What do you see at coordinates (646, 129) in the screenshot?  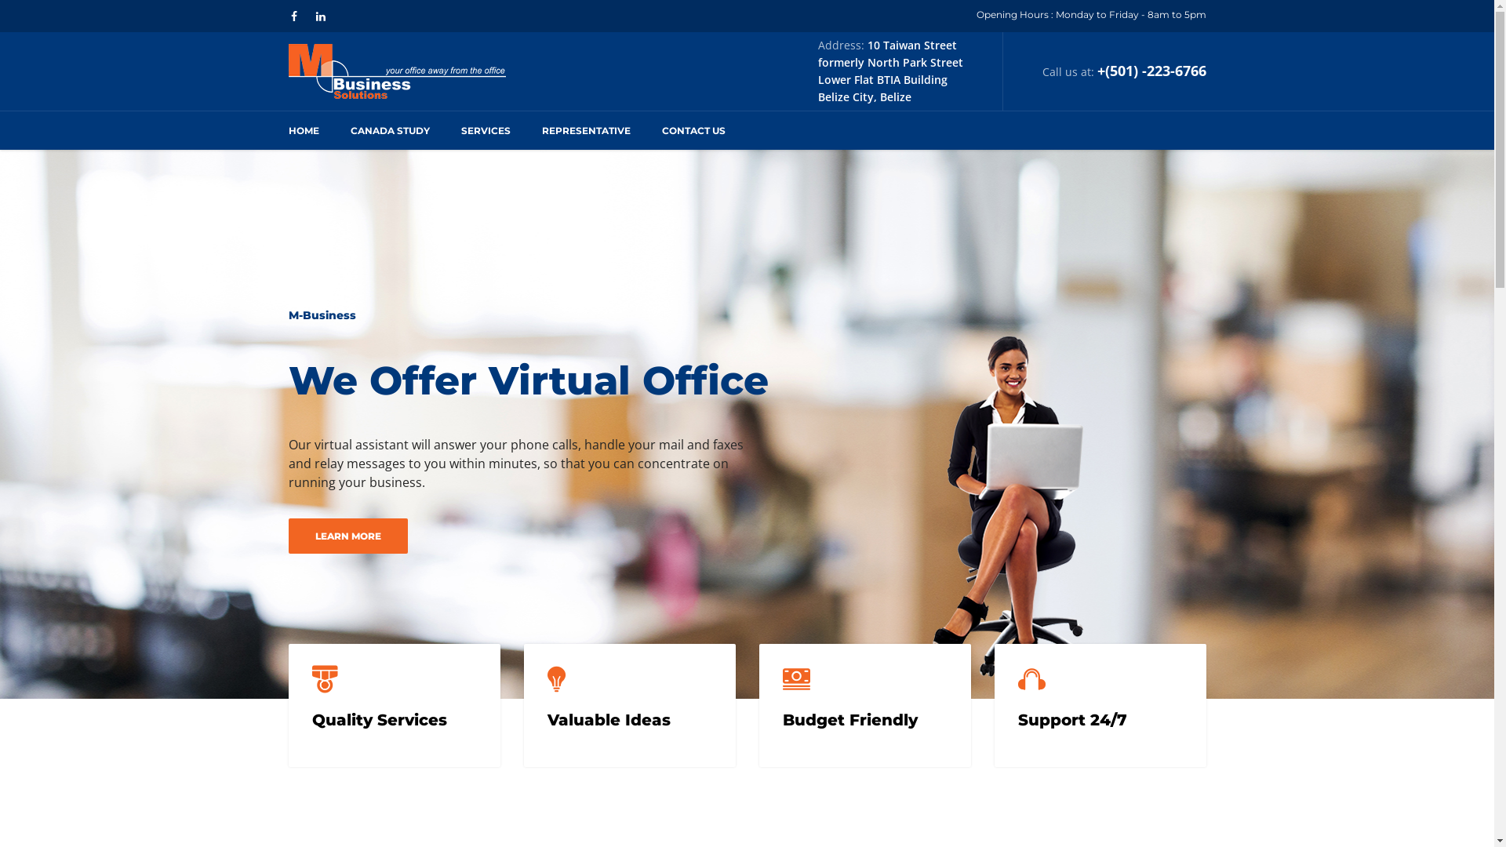 I see `'CONTACT US'` at bounding box center [646, 129].